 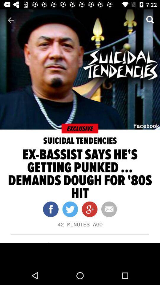 I want to click on the email icon, so click(x=107, y=209).